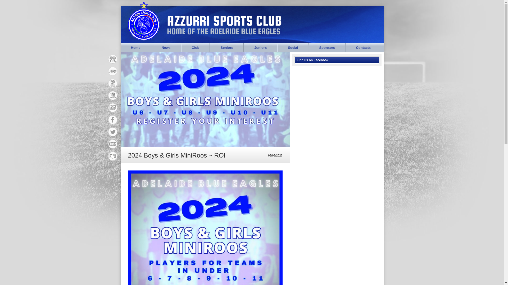  I want to click on 'Sponsors', so click(327, 48).